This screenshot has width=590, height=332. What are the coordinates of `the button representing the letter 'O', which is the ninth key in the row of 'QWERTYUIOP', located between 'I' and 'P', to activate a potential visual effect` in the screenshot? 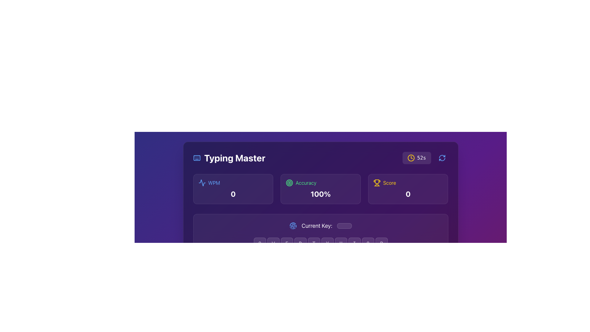 It's located at (368, 243).